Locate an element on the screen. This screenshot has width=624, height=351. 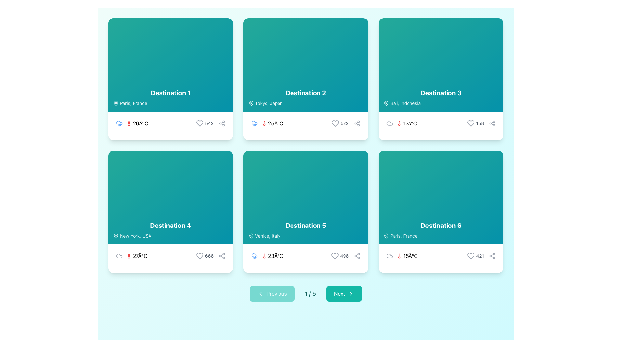
the interactive 'like' button with text and an icon located in the third card (Destination 3) on the top-right of the grid layout to observe the color transition is located at coordinates (475, 123).